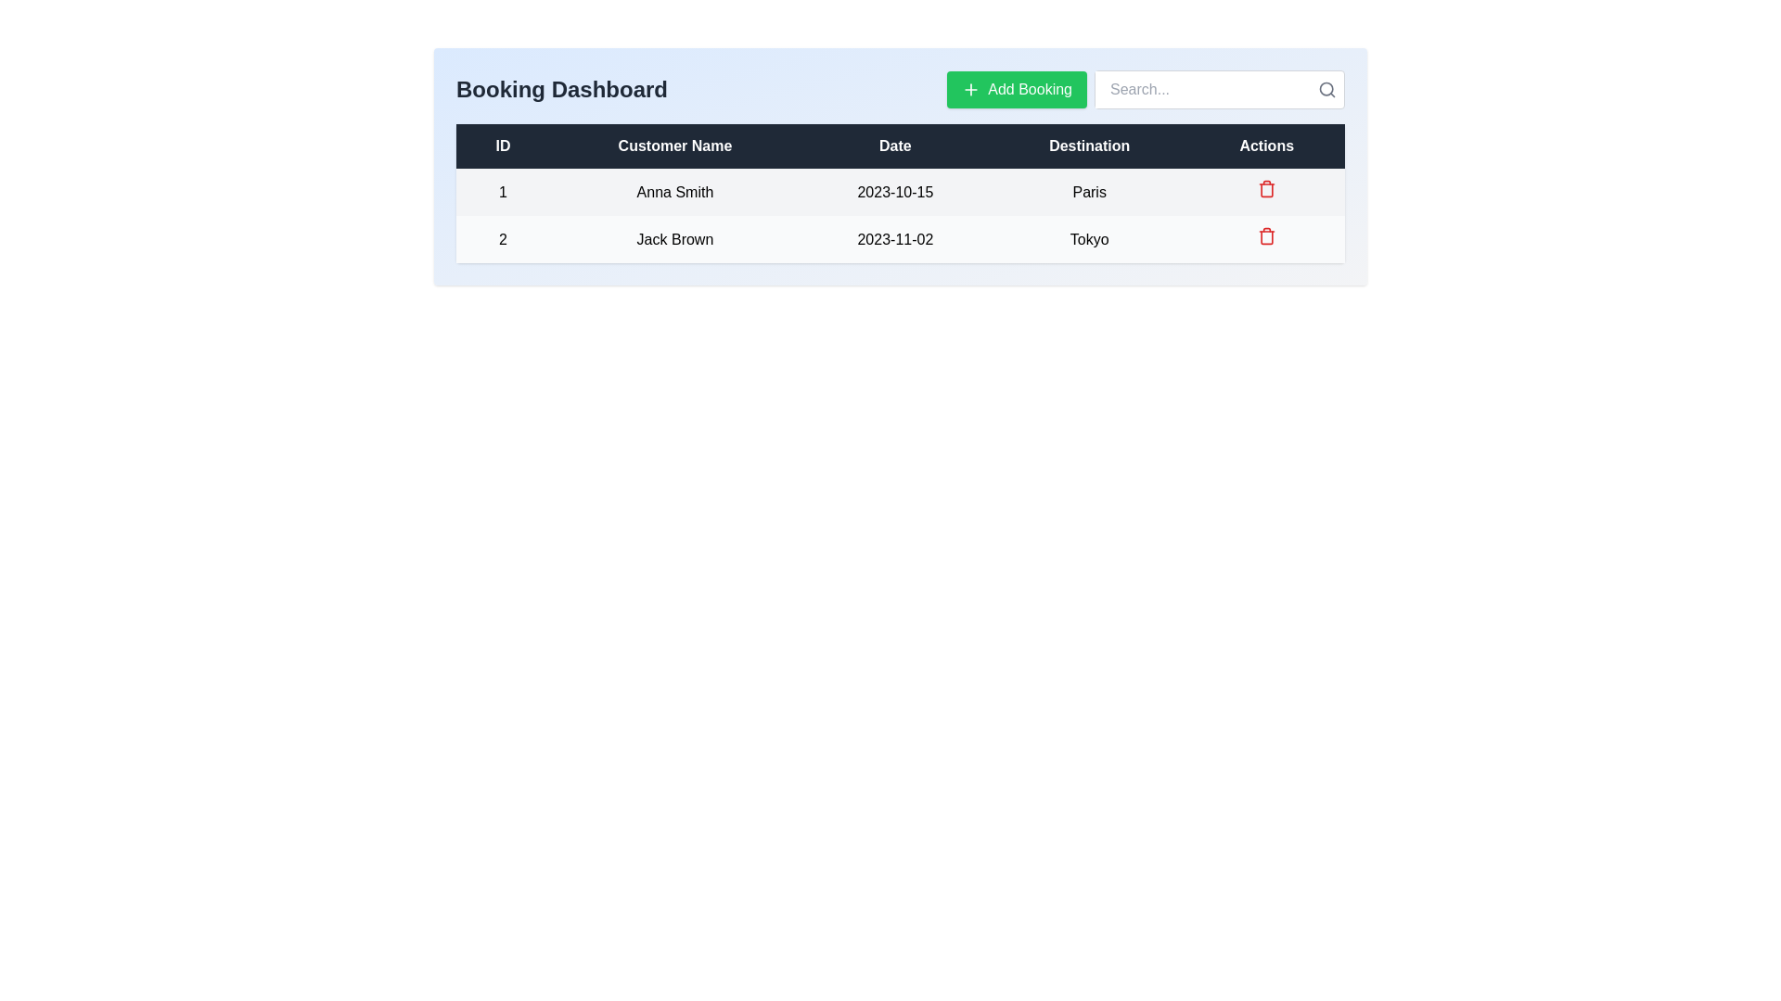 The height and width of the screenshot is (1001, 1781). I want to click on the 'Destination' header text label in the table, which is the fourth column header with a dark background and white text, so click(1089, 146).